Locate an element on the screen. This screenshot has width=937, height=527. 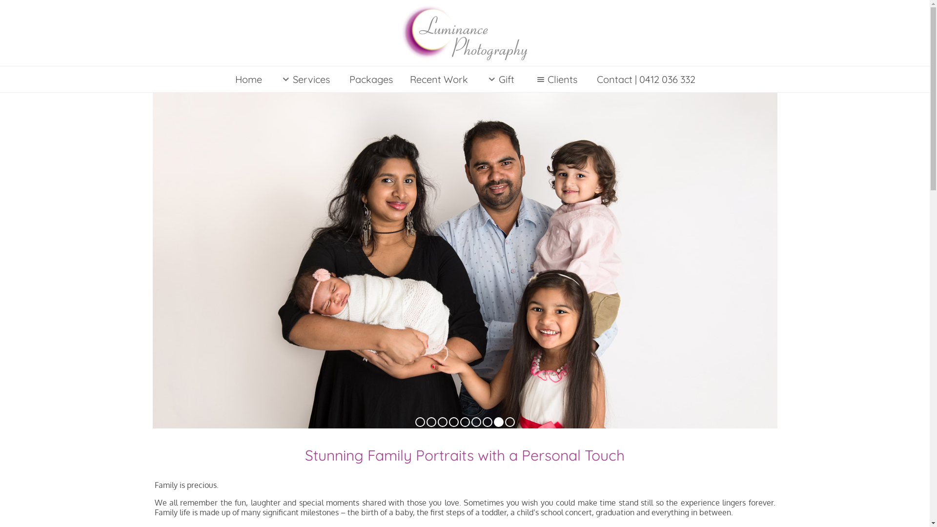
'0' is located at coordinates (430, 421).